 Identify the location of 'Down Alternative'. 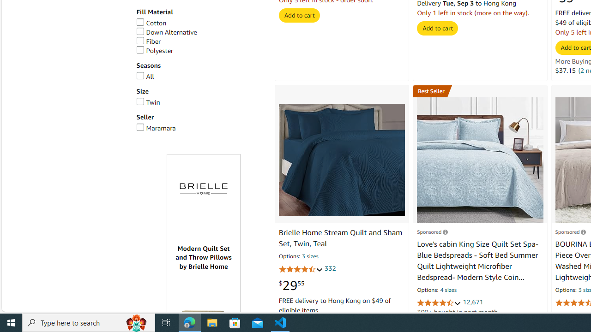
(200, 32).